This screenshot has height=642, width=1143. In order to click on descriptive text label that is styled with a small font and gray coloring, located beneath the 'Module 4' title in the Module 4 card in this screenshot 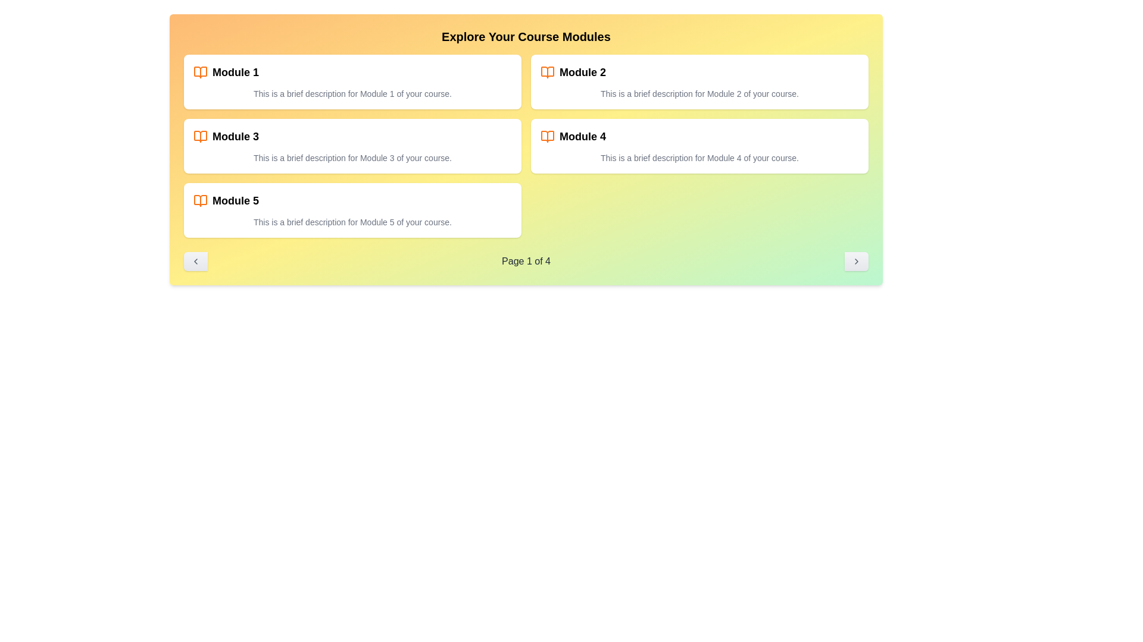, I will do `click(699, 158)`.